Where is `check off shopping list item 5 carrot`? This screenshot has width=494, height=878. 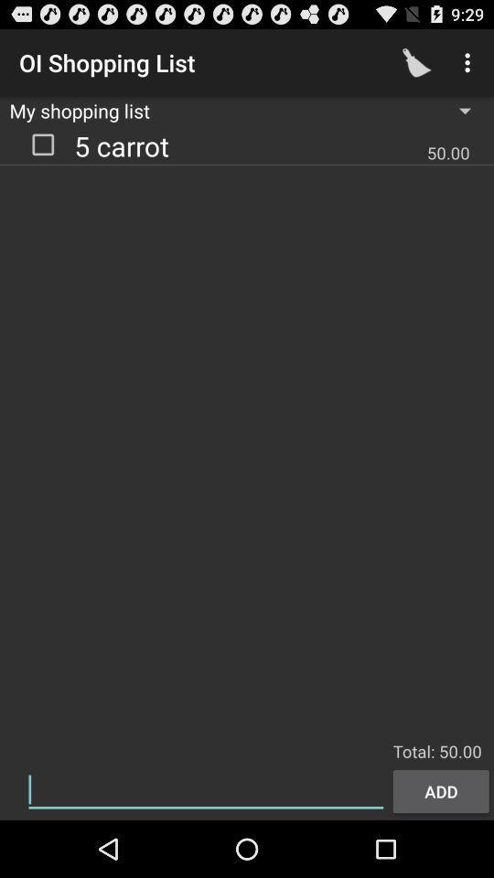
check off shopping list item 5 carrot is located at coordinates (43, 143).